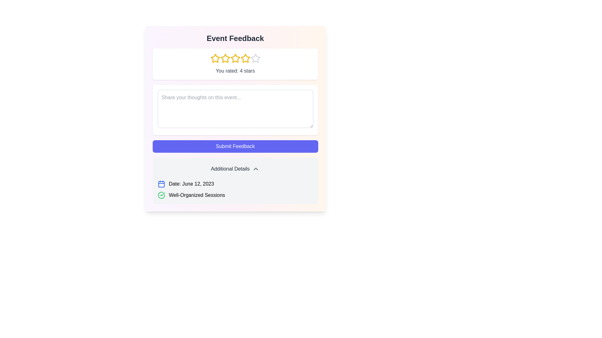 This screenshot has height=338, width=602. Describe the element at coordinates (235, 181) in the screenshot. I see `additional details displayed in the Information box with a light gray background, containing the title 'Additional Details' and sections for 'Date' and 'Well-Organized Sessions'` at that location.